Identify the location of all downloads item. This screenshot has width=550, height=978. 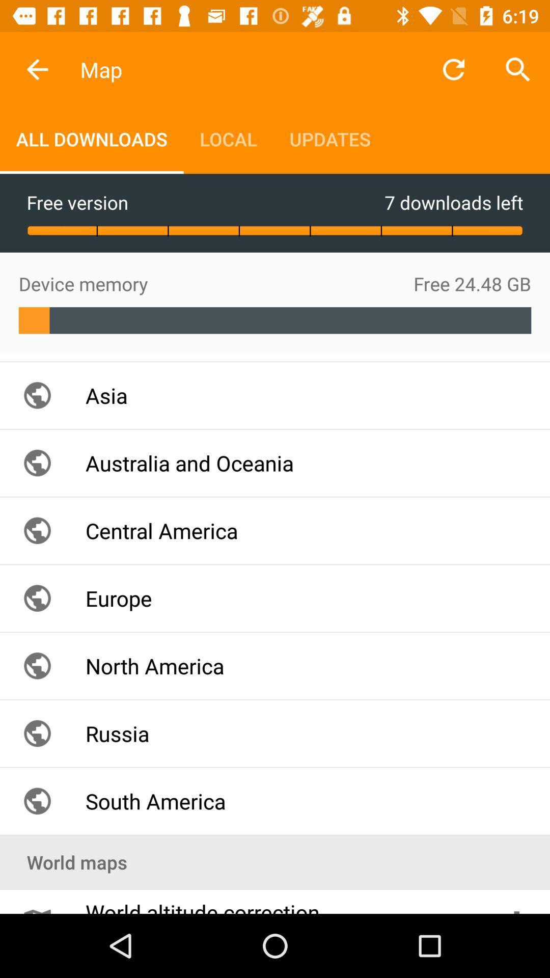
(92, 139).